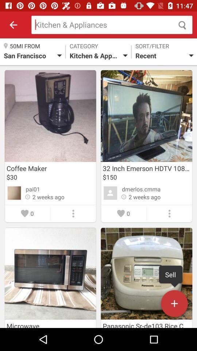 Image resolution: width=197 pixels, height=351 pixels. I want to click on icon below the $30 item, so click(32, 189).